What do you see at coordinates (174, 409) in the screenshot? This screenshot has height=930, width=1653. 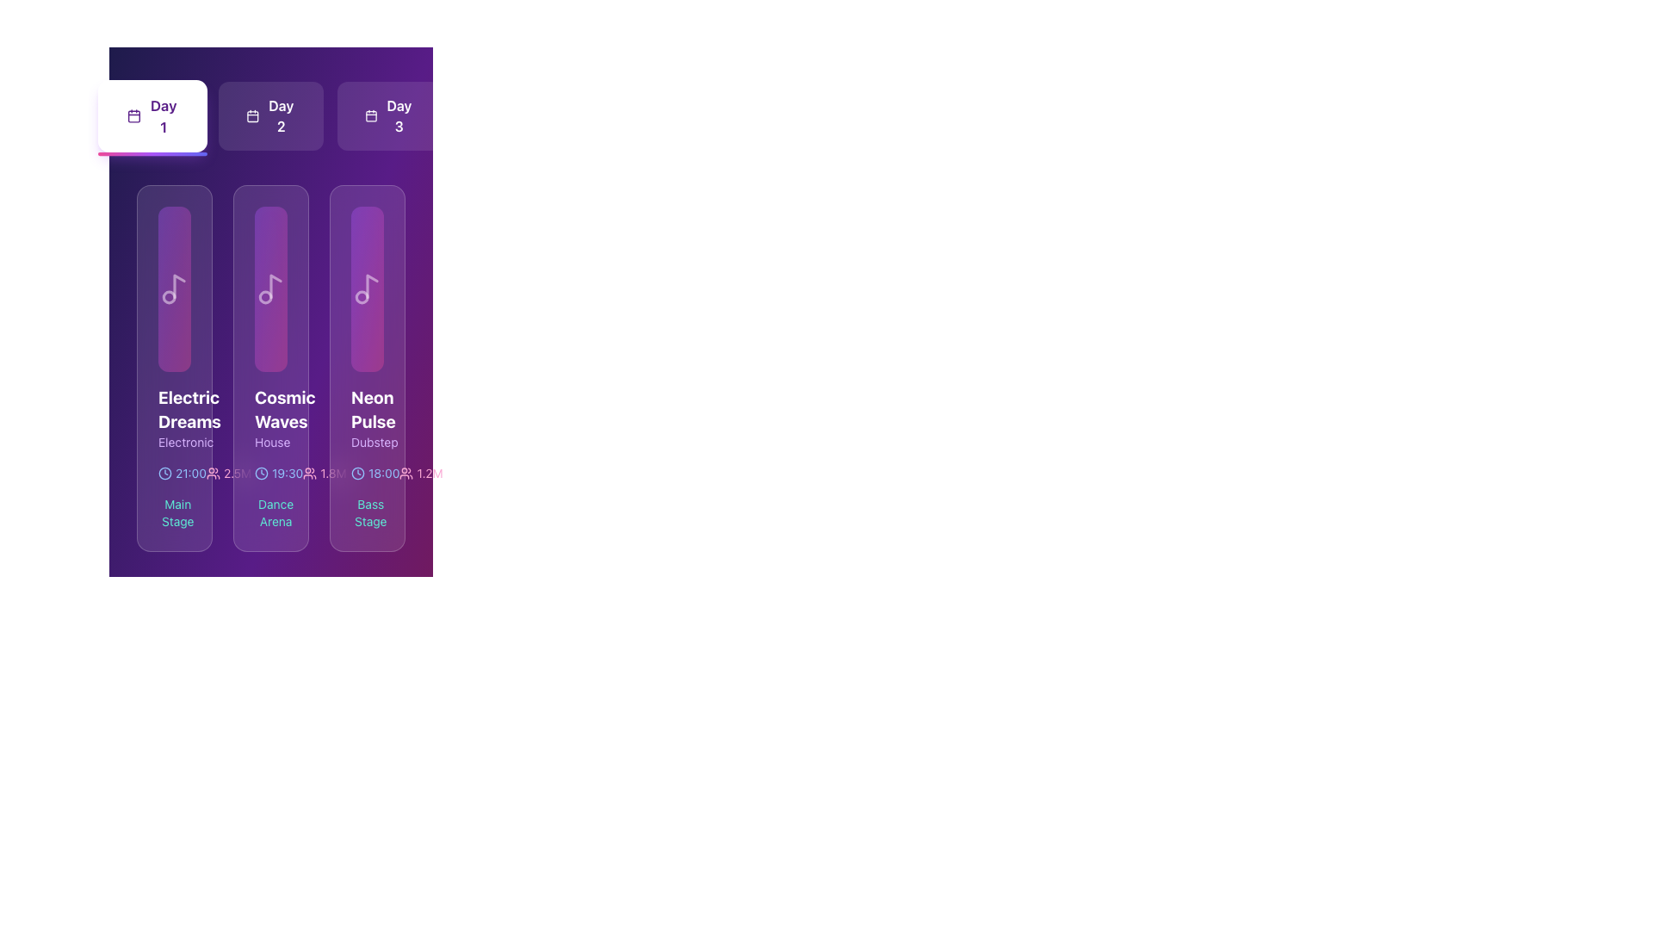 I see `information displayed in the text label titled 'Electric Dreams', which is located at the top section of the leftmost card in a horizontally aligned list of cards` at bounding box center [174, 409].